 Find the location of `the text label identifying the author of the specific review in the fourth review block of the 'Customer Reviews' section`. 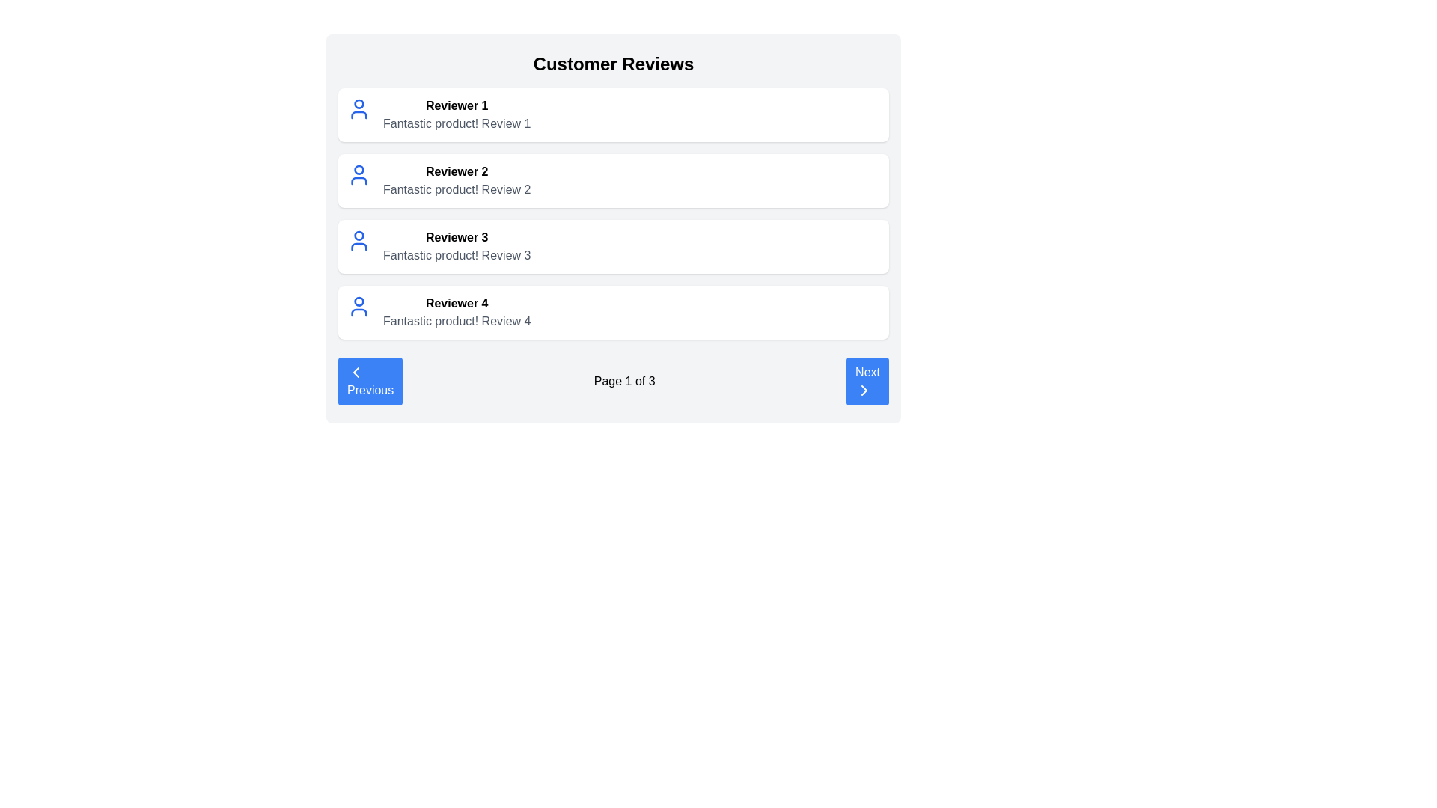

the text label identifying the author of the specific review in the fourth review block of the 'Customer Reviews' section is located at coordinates (456, 303).